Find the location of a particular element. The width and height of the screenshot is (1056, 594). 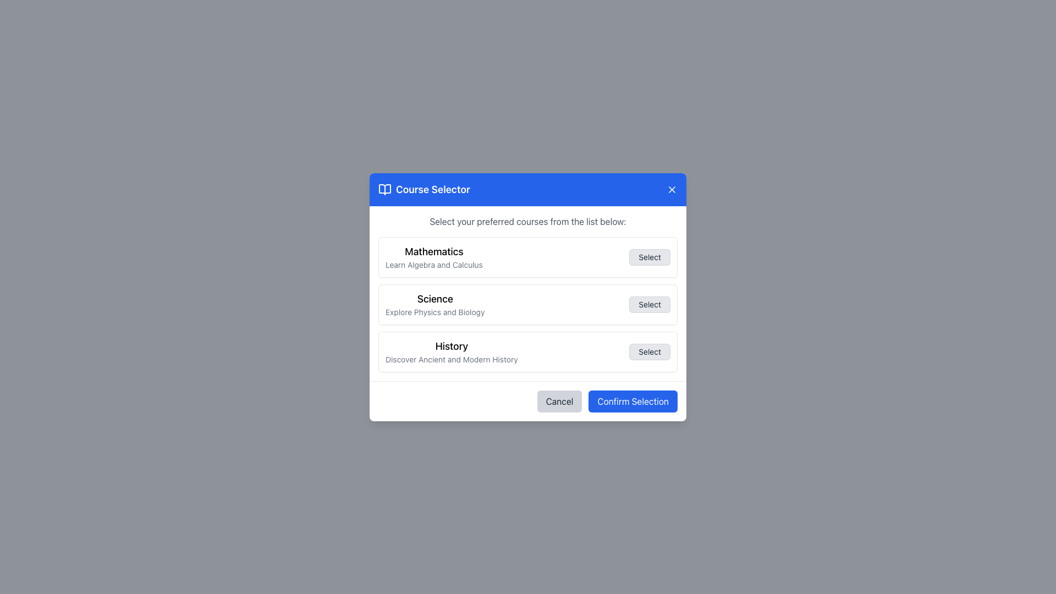

the 'History' text label, which is styled in medium bold font and located above smaller gray italicized text within a selectable option card in a modal dialog is located at coordinates (452, 345).